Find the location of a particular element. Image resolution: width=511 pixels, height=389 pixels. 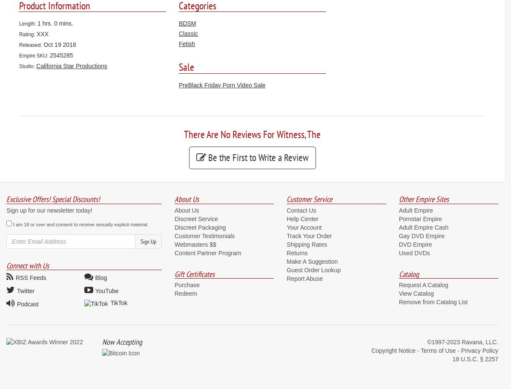

'Sale' is located at coordinates (187, 66).